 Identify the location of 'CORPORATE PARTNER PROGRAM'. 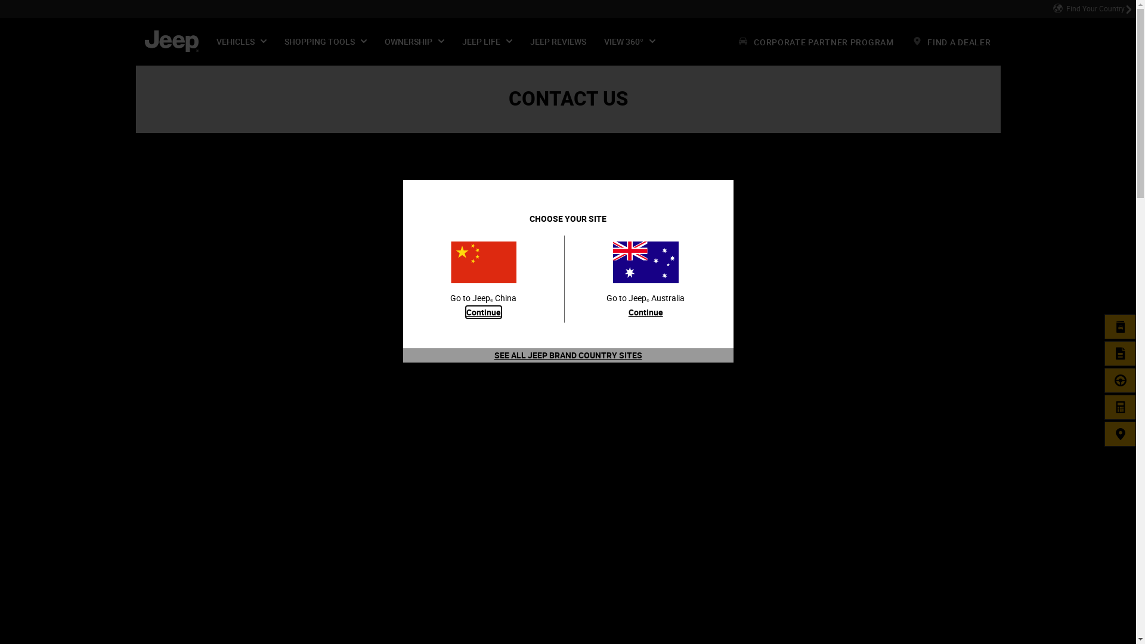
(815, 41).